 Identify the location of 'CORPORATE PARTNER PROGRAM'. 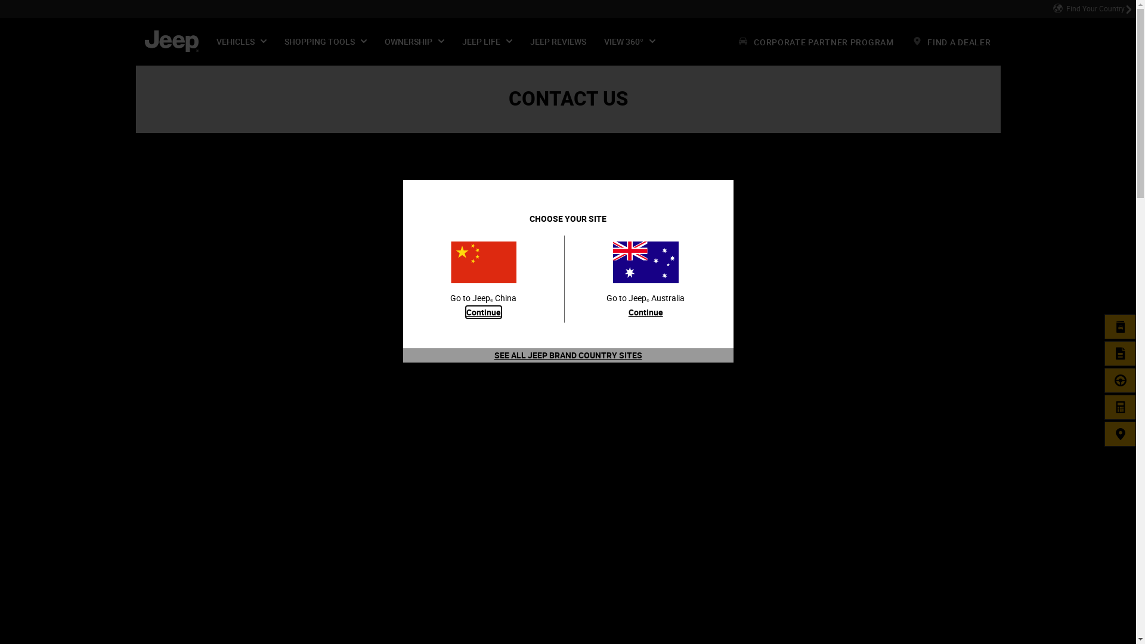
(815, 41).